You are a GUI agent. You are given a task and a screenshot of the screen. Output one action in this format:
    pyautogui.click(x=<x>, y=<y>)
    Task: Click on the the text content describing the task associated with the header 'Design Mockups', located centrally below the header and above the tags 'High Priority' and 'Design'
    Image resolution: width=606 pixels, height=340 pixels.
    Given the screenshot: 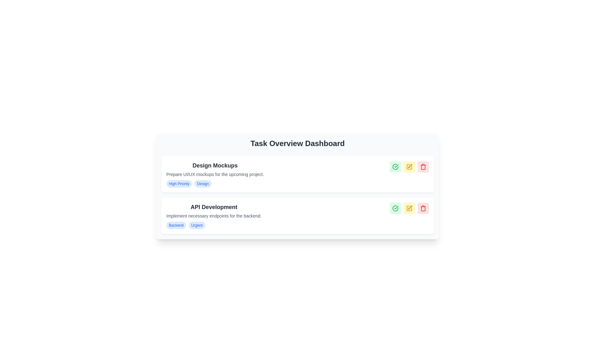 What is the action you would take?
    pyautogui.click(x=215, y=174)
    